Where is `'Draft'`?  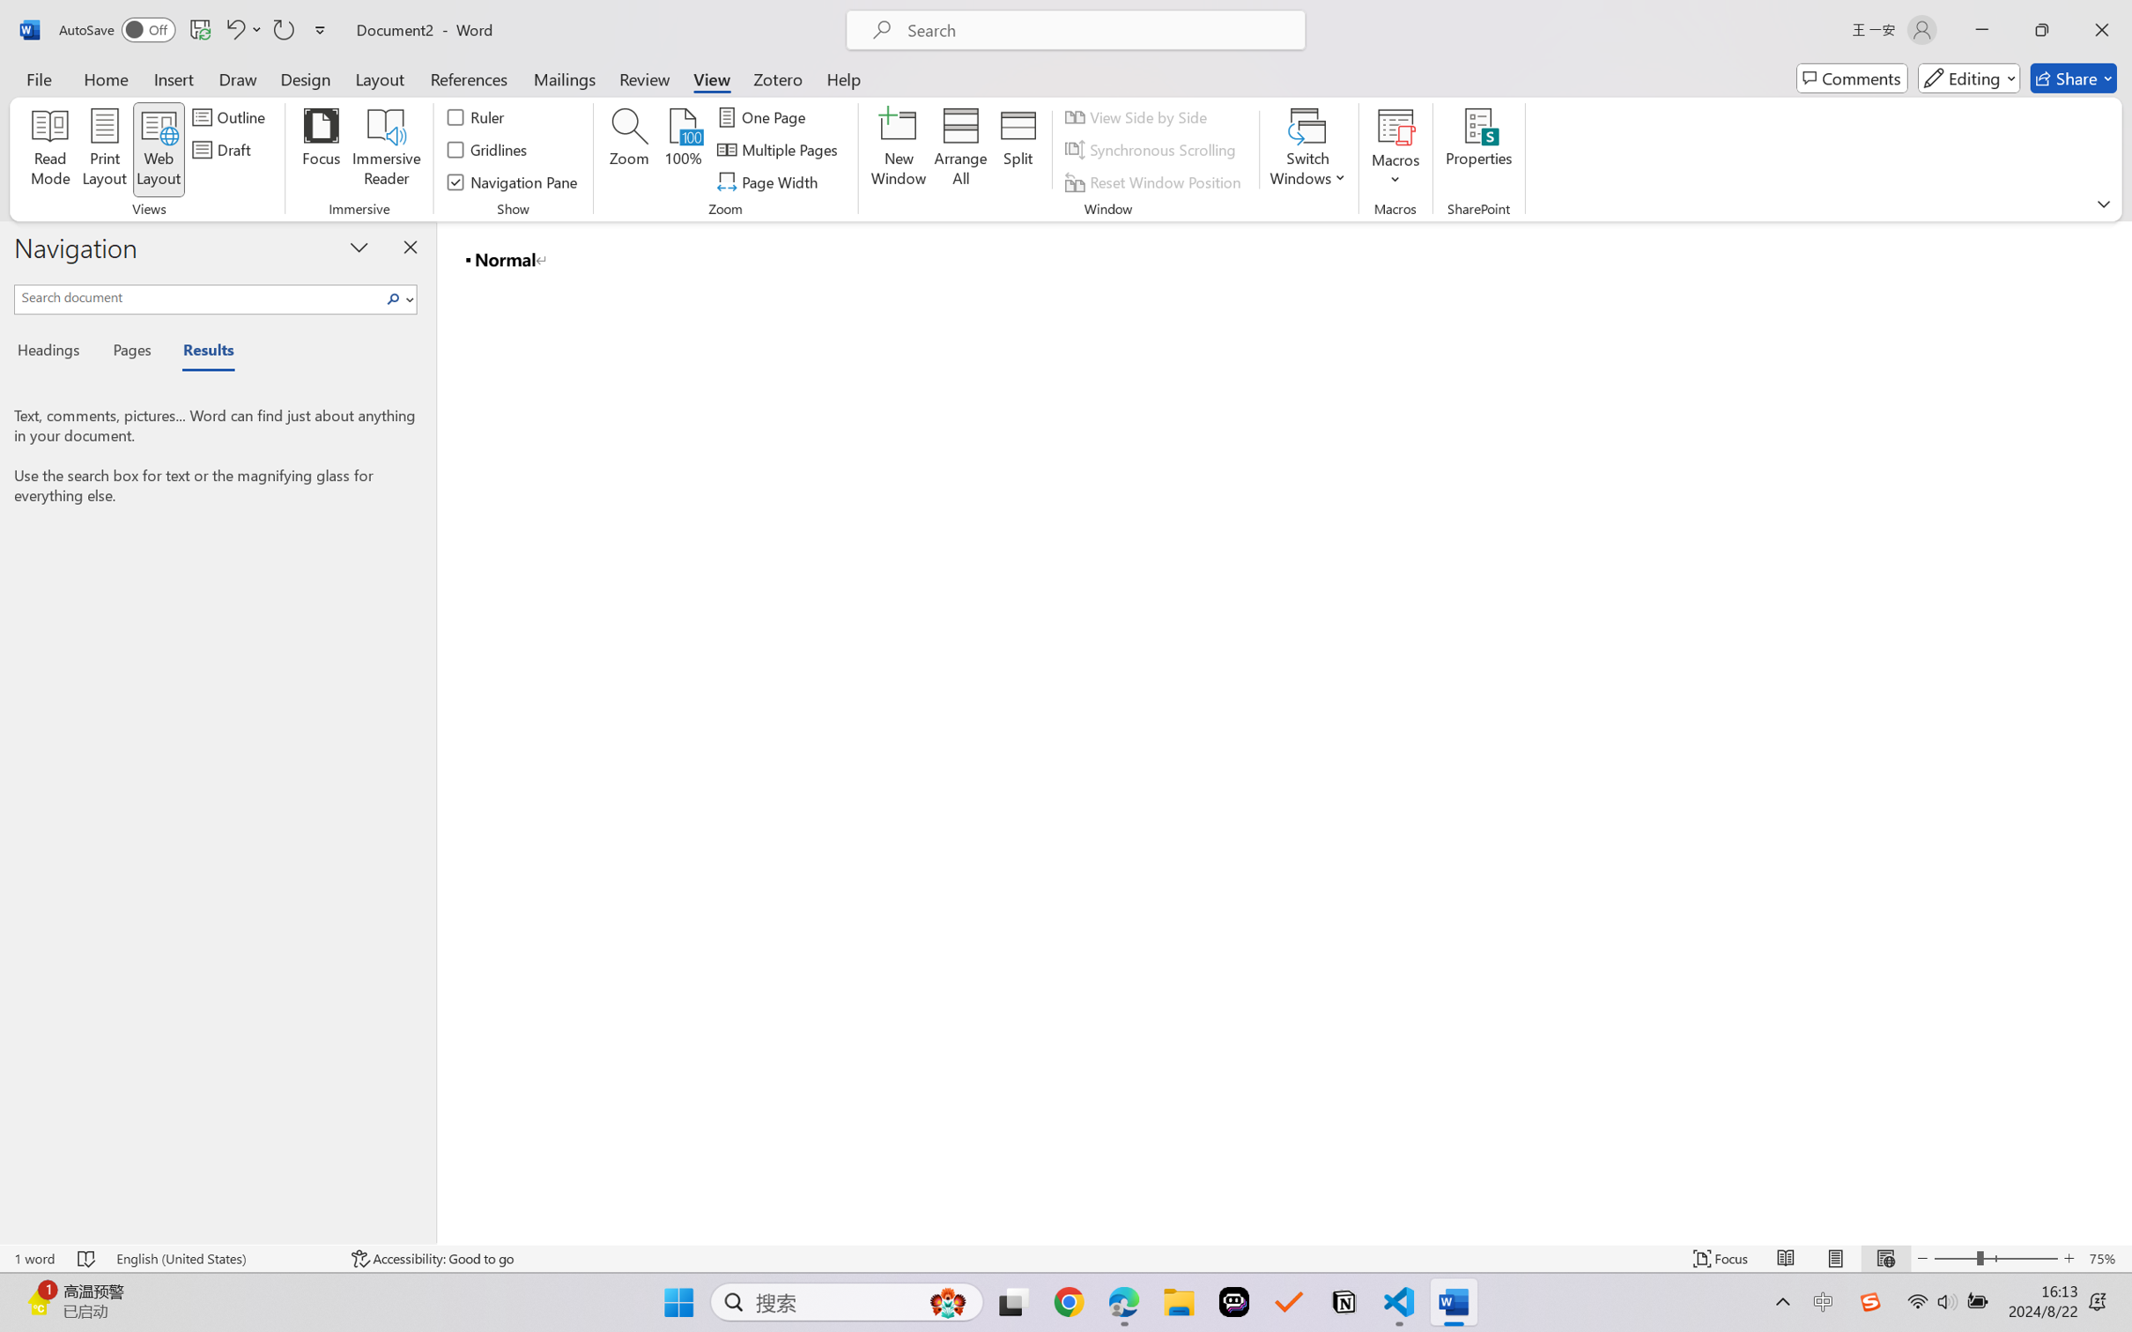 'Draft' is located at coordinates (224, 150).